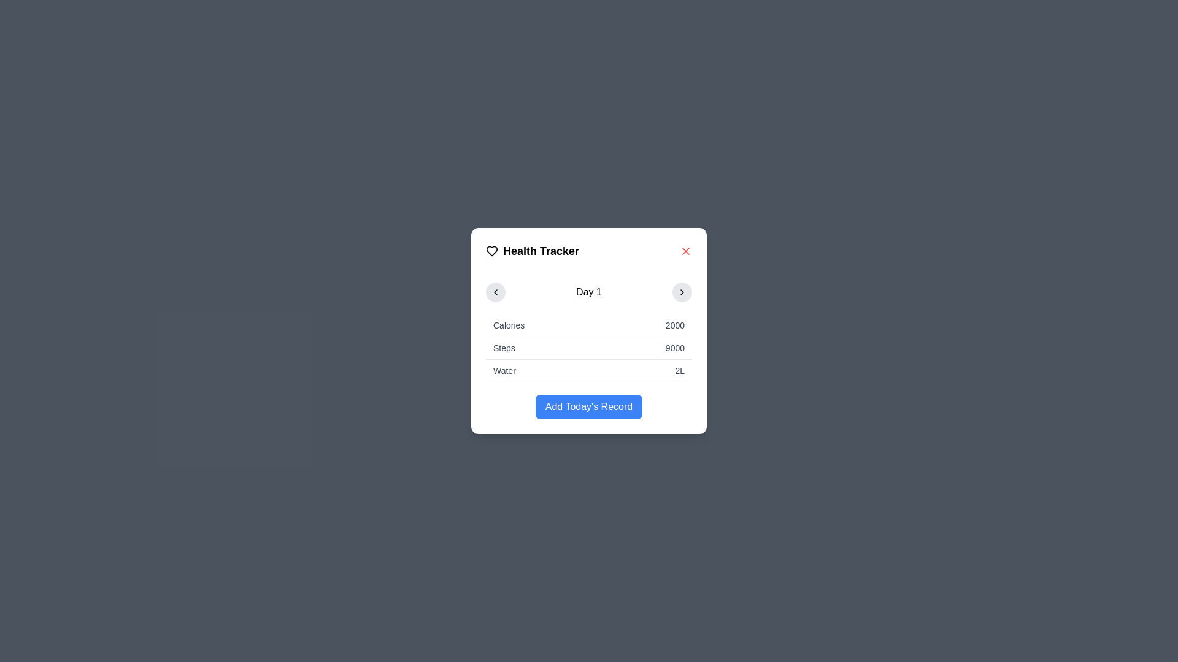  I want to click on the circular gray button with a right-facing chevron icon, so click(682, 292).